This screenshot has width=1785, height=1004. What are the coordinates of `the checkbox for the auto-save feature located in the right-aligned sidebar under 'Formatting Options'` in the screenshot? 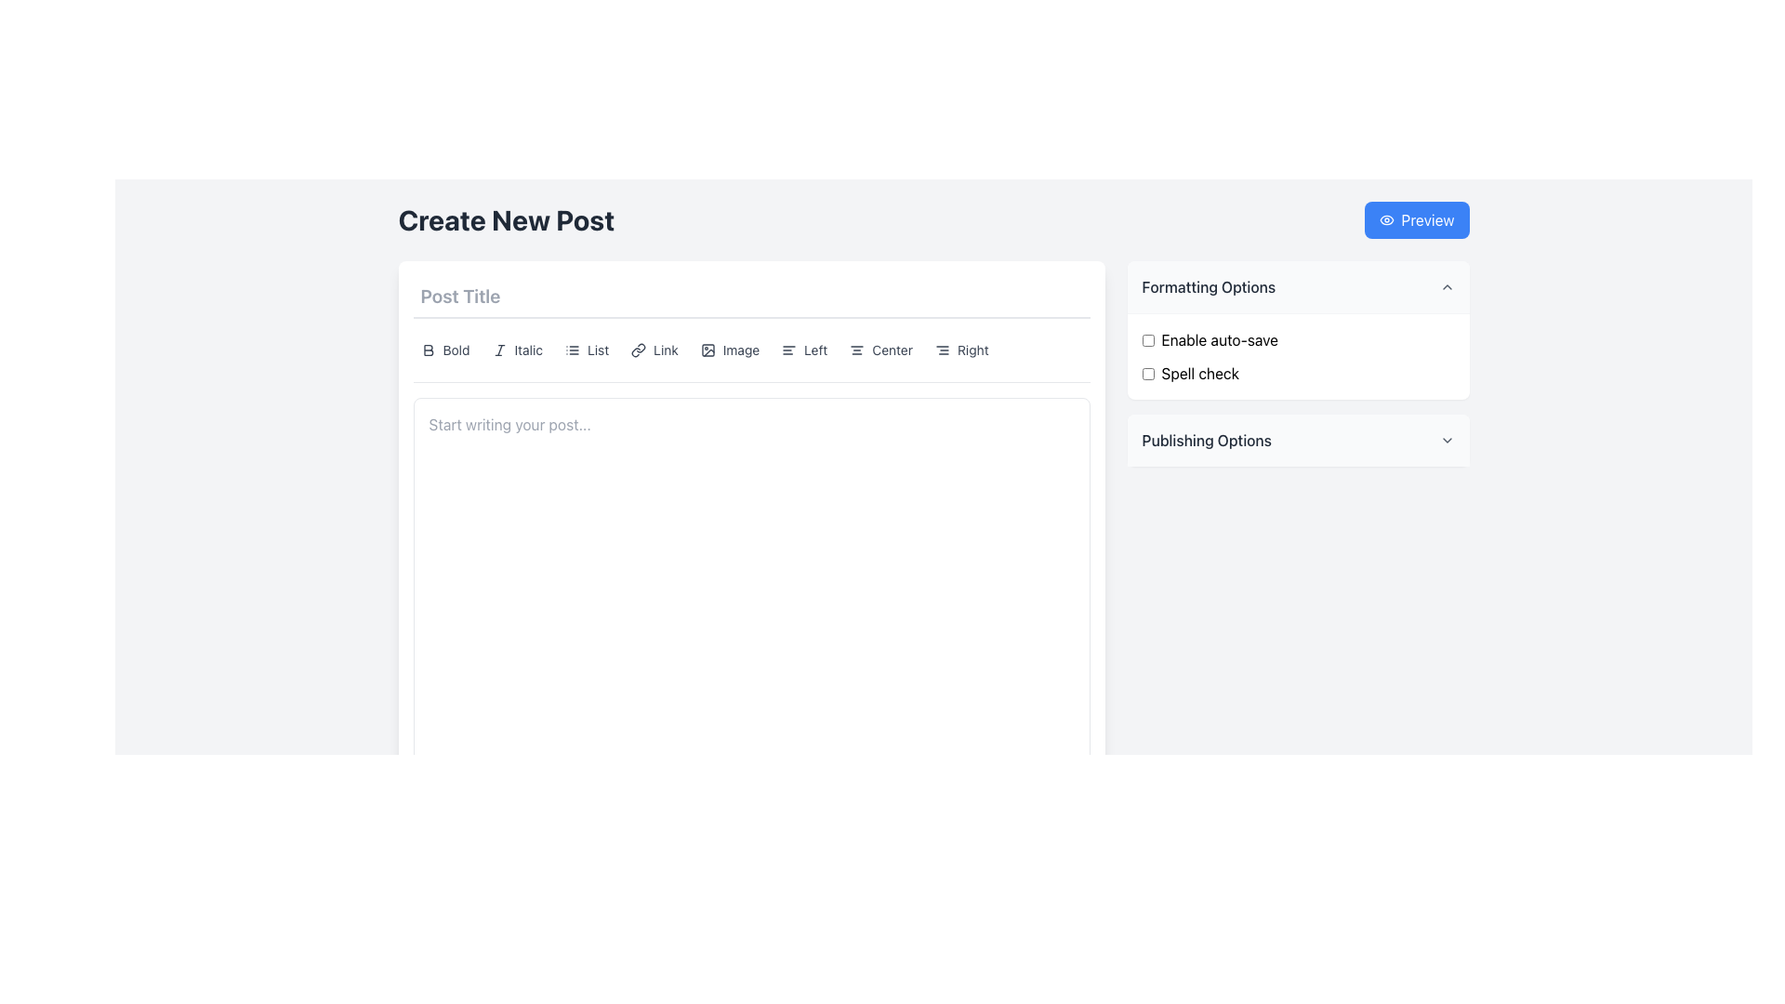 It's located at (1297, 340).